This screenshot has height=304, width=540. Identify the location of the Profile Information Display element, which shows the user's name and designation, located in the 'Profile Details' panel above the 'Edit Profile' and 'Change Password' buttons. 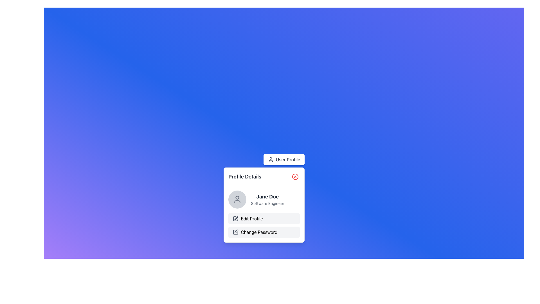
(264, 199).